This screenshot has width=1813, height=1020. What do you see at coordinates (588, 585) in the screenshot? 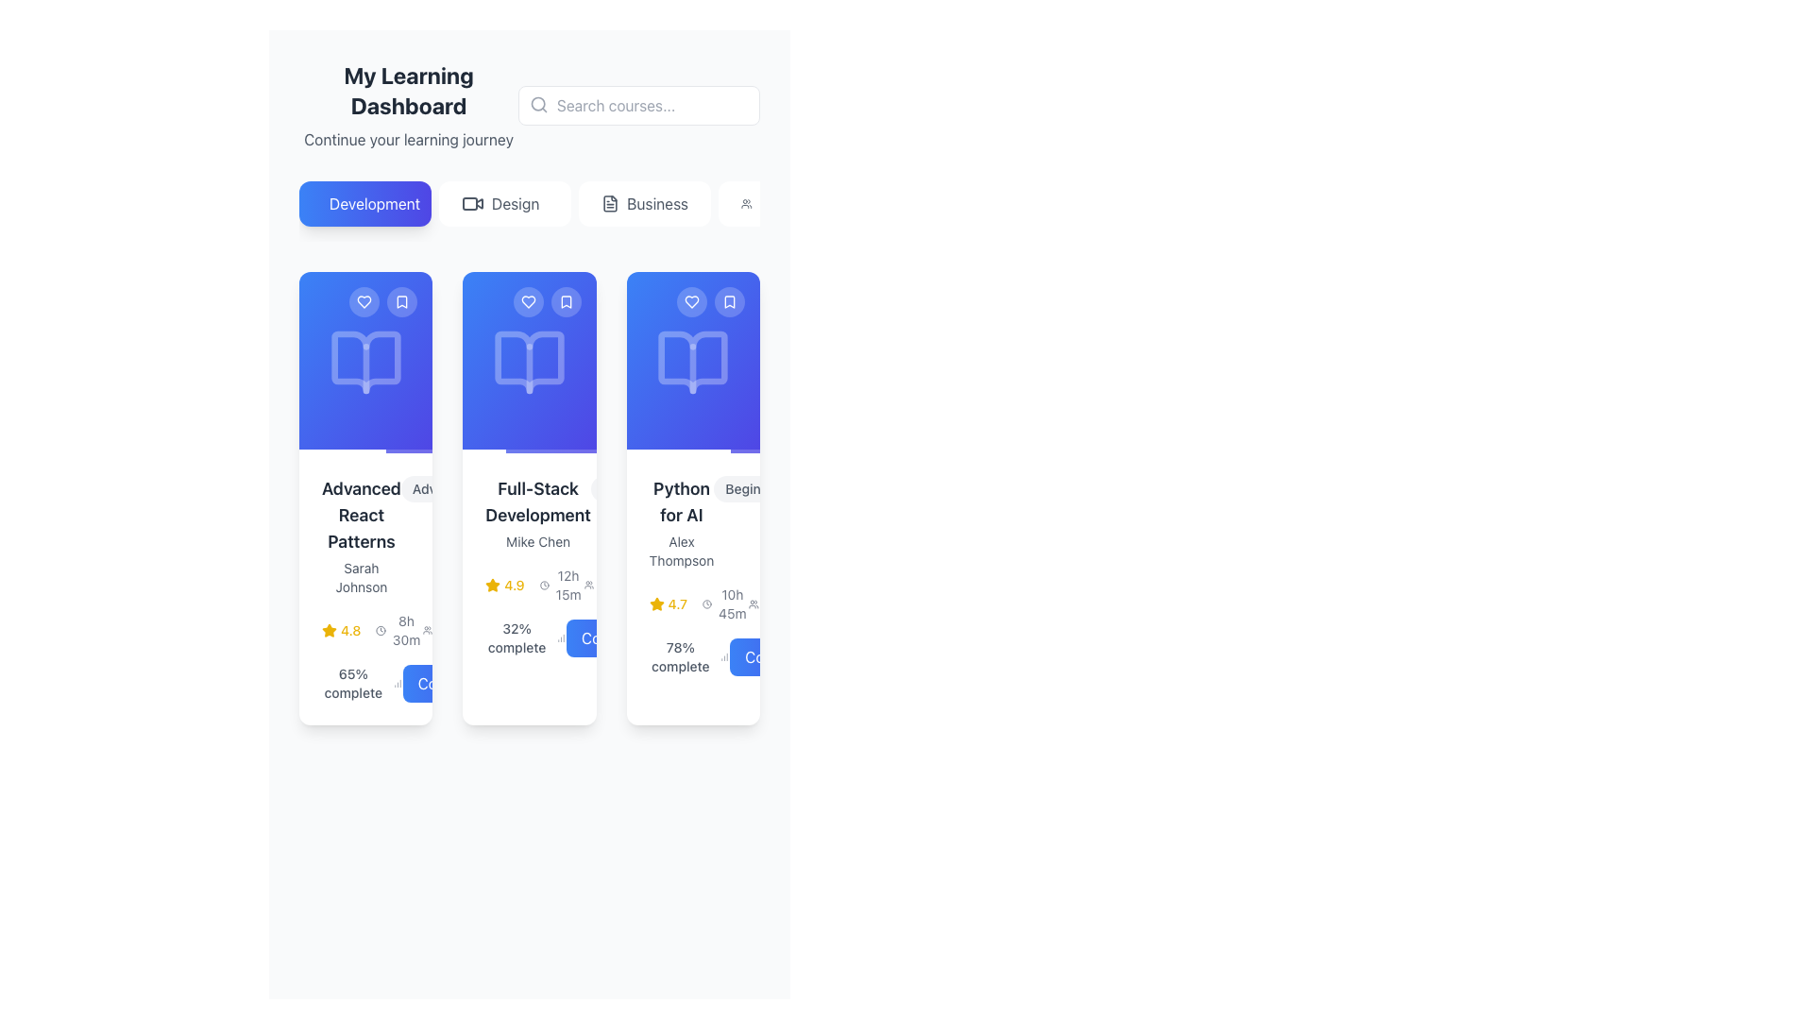
I see `the user representation icon (SVG) located to the left of the label '2156 students'` at bounding box center [588, 585].